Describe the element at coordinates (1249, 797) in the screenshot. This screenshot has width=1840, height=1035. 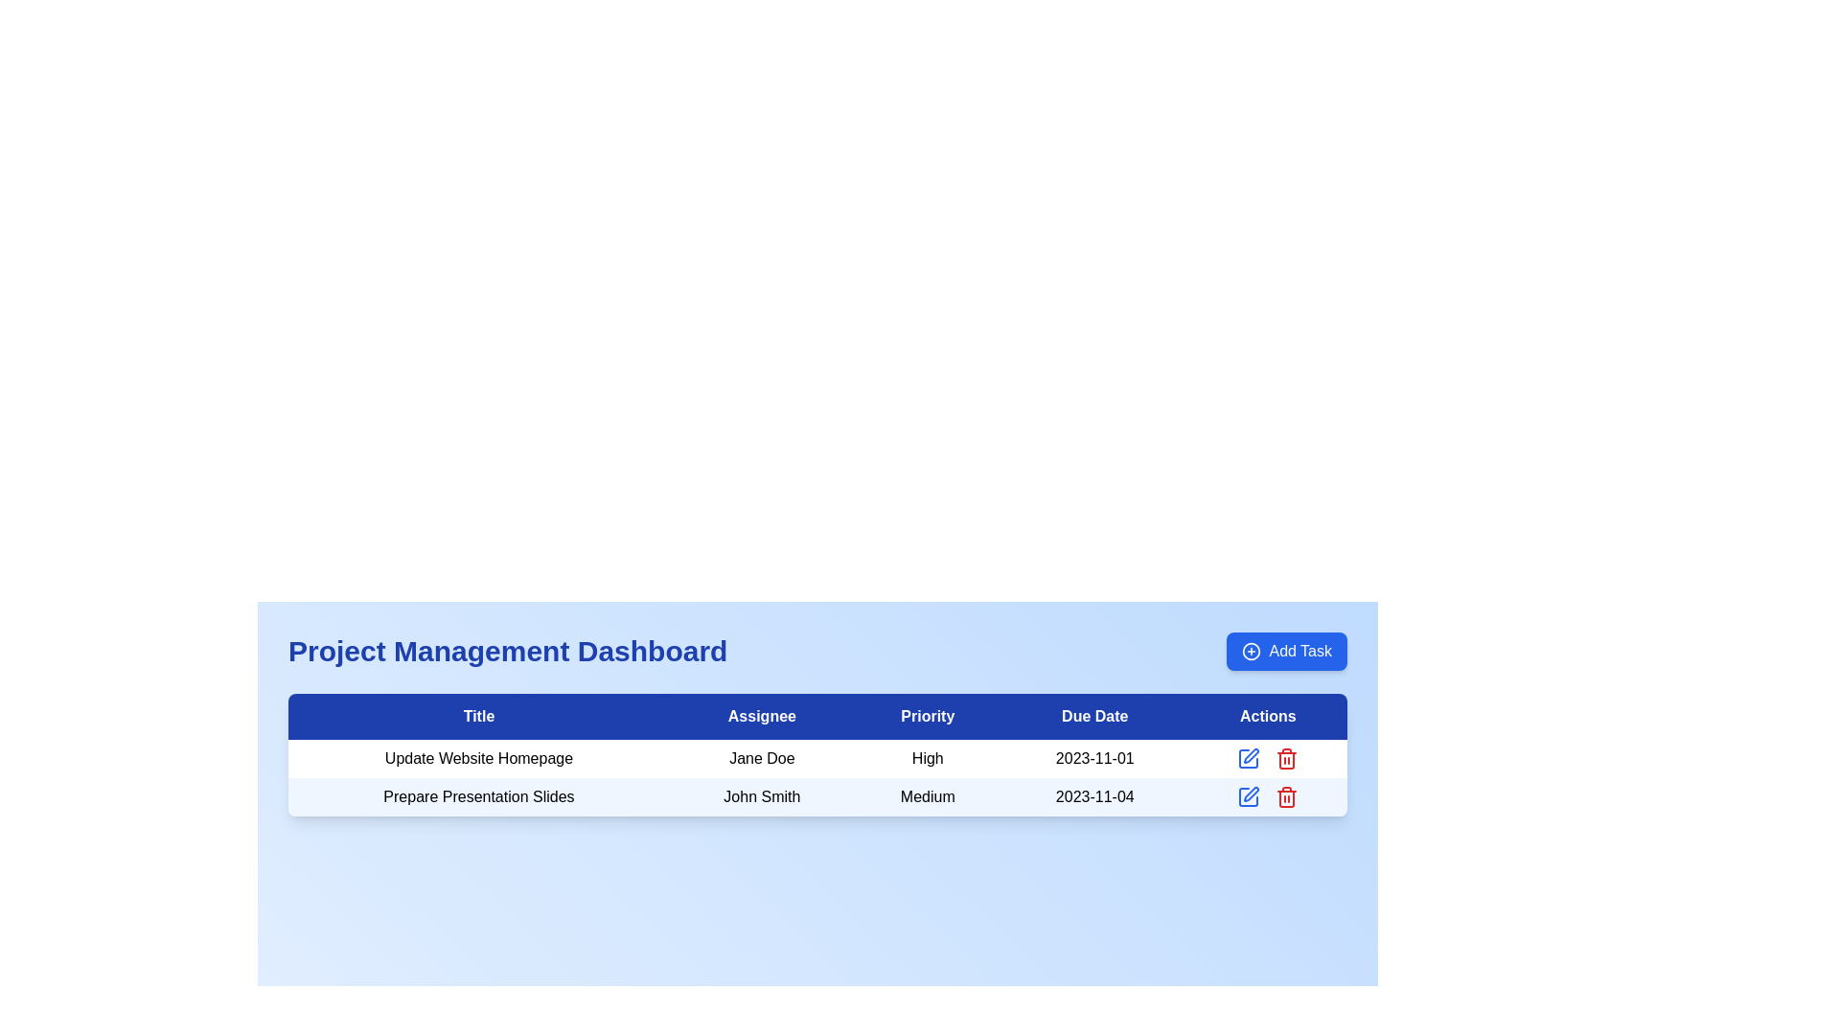
I see `the edit button in the 'Actions' column of the second row of the table` at that location.